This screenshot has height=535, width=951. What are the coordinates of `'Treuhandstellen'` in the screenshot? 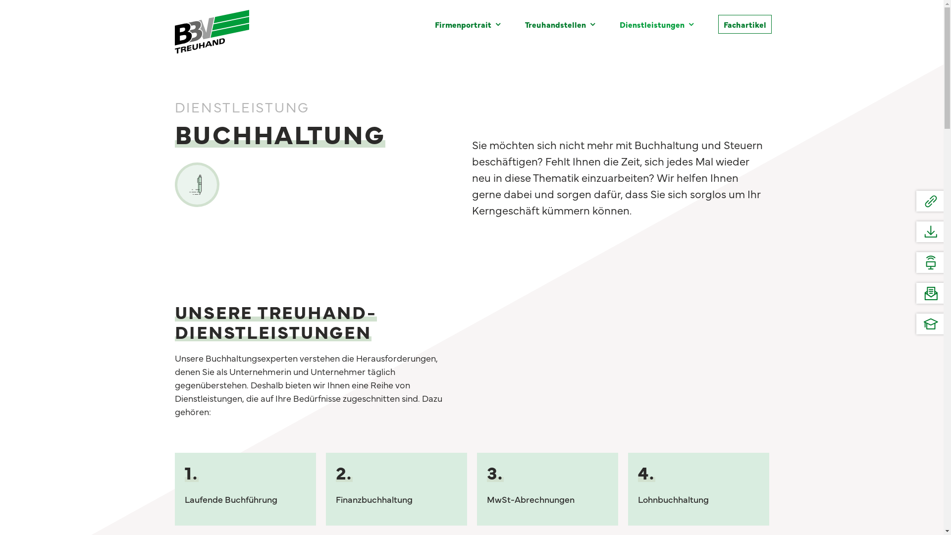 It's located at (560, 24).